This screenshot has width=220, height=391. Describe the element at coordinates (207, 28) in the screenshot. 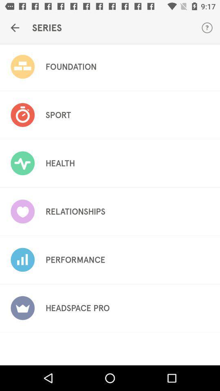

I see `icon to the right of series` at that location.